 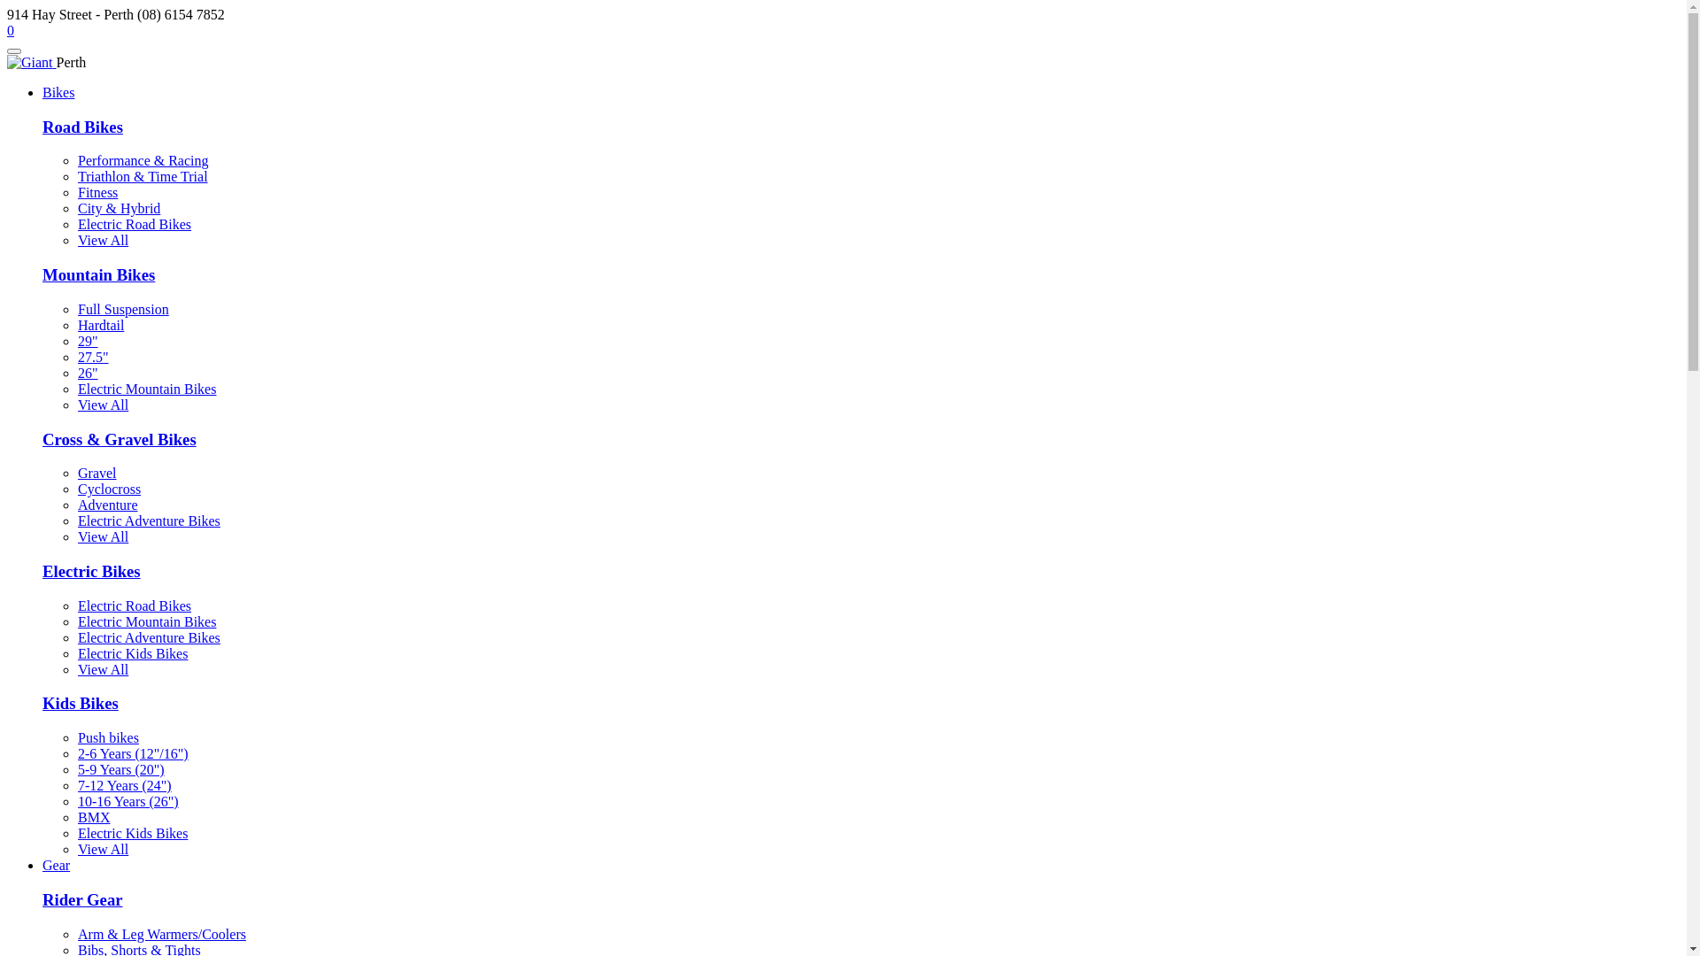 What do you see at coordinates (11, 30) in the screenshot?
I see `'0 item(s) in cart` at bounding box center [11, 30].